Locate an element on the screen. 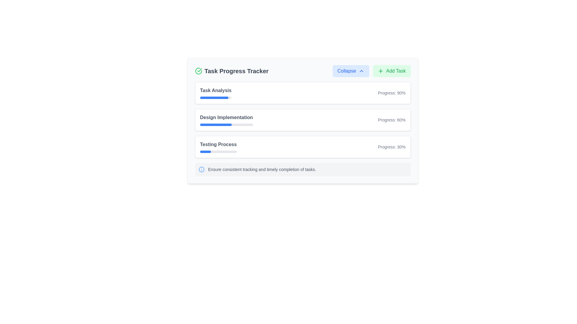 This screenshot has height=324, width=577. the button located is located at coordinates (351, 70).